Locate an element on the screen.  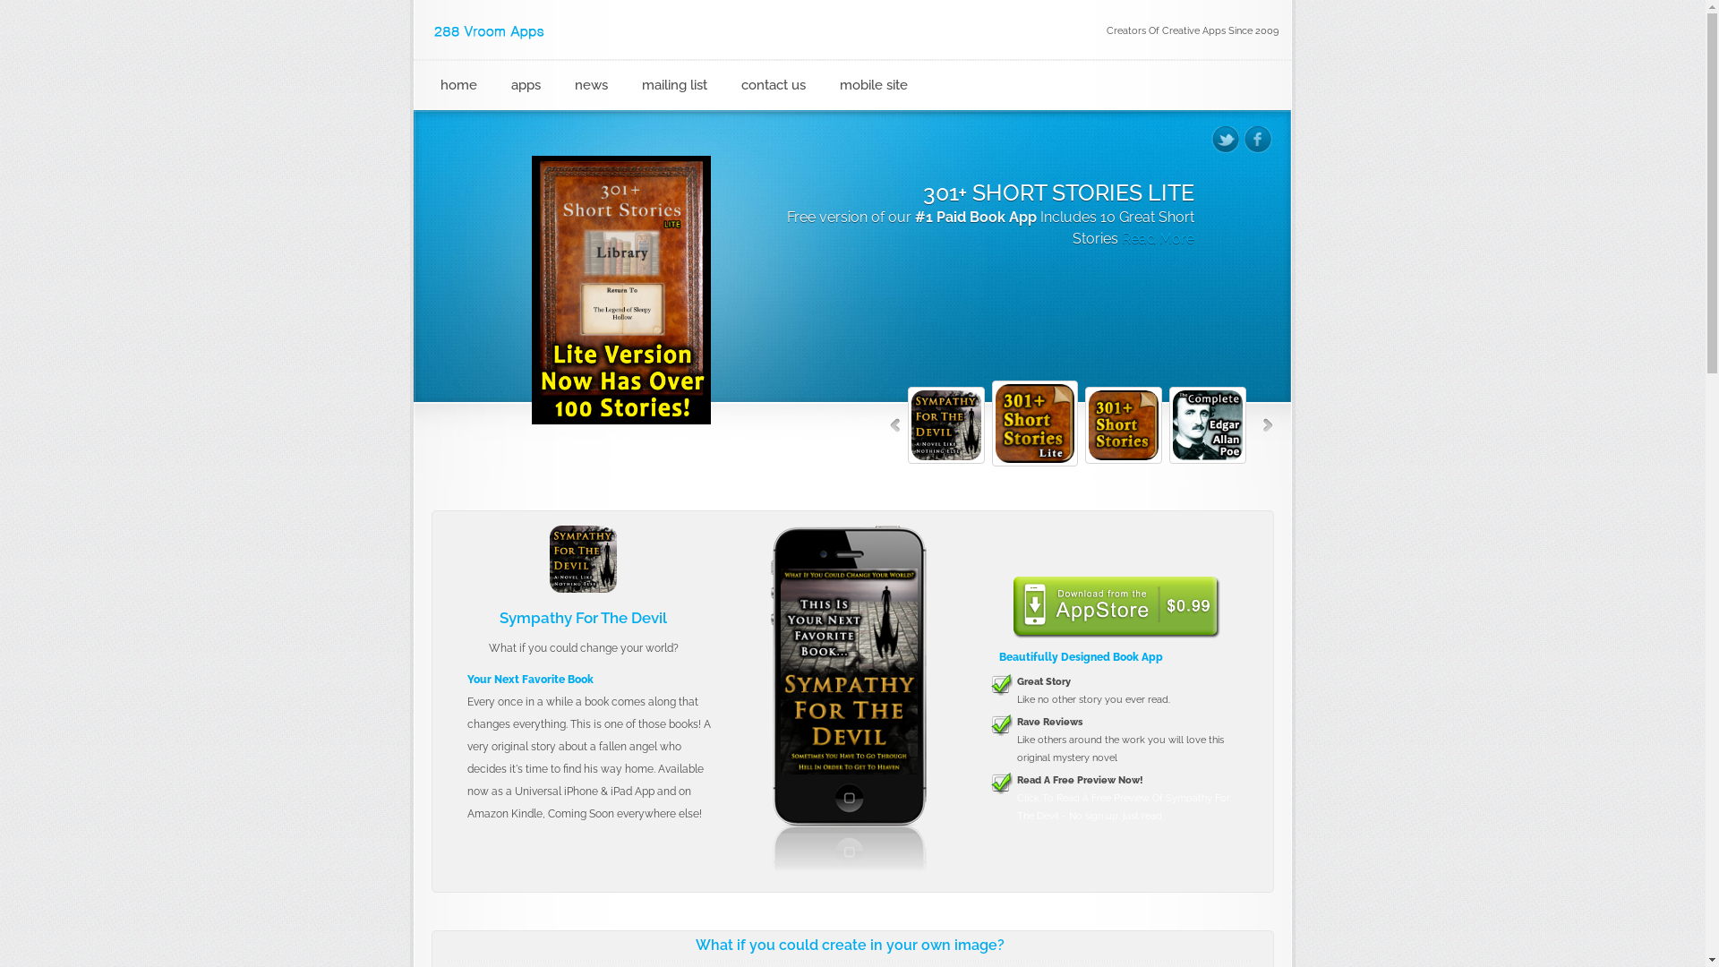
'twitter-ico' is located at coordinates (1224, 138).